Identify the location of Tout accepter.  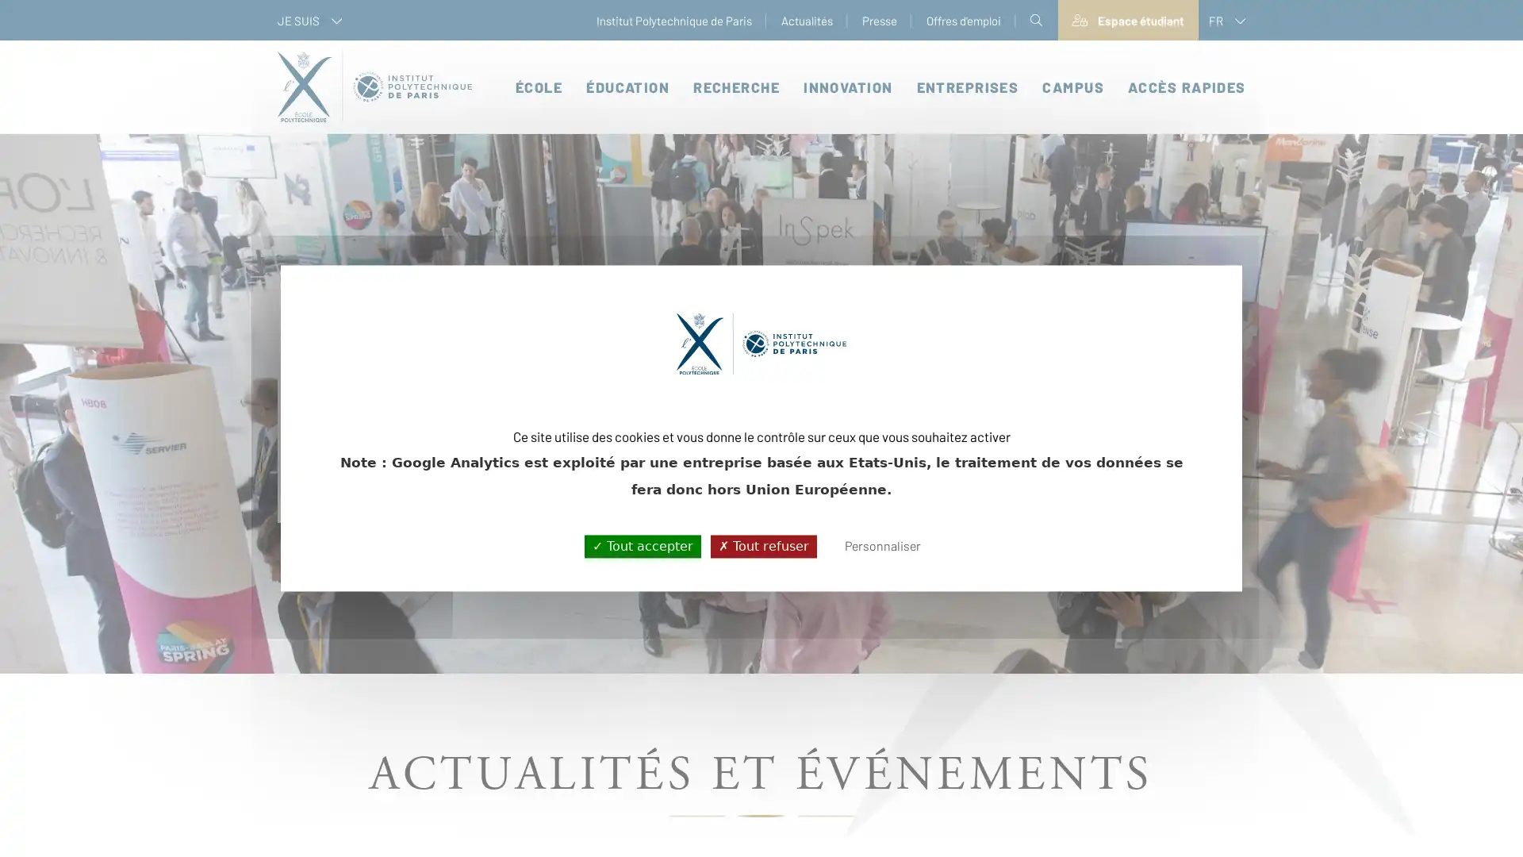
(642, 545).